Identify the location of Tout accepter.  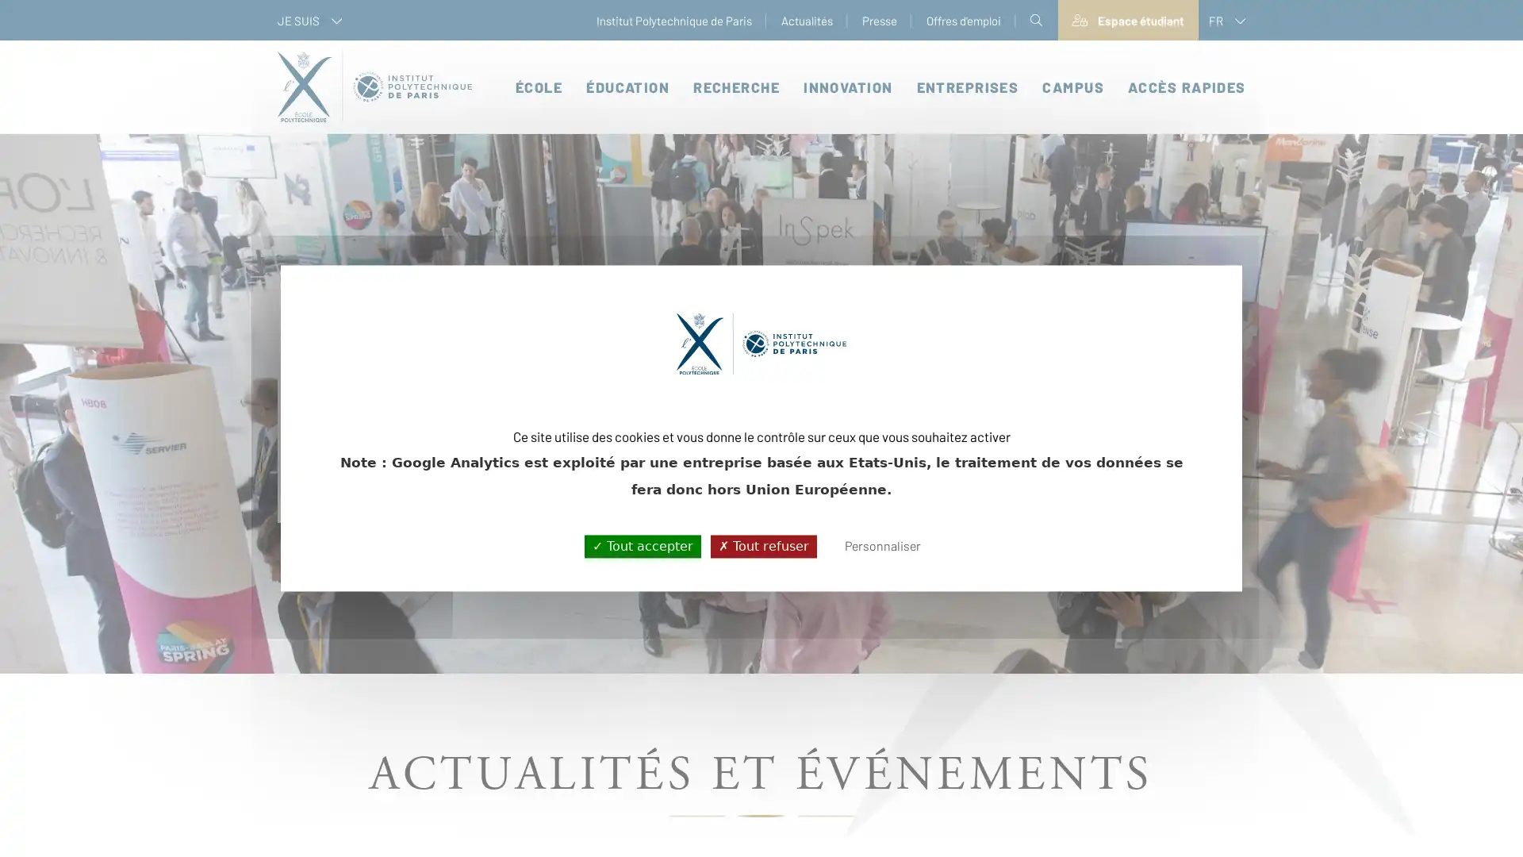
(642, 545).